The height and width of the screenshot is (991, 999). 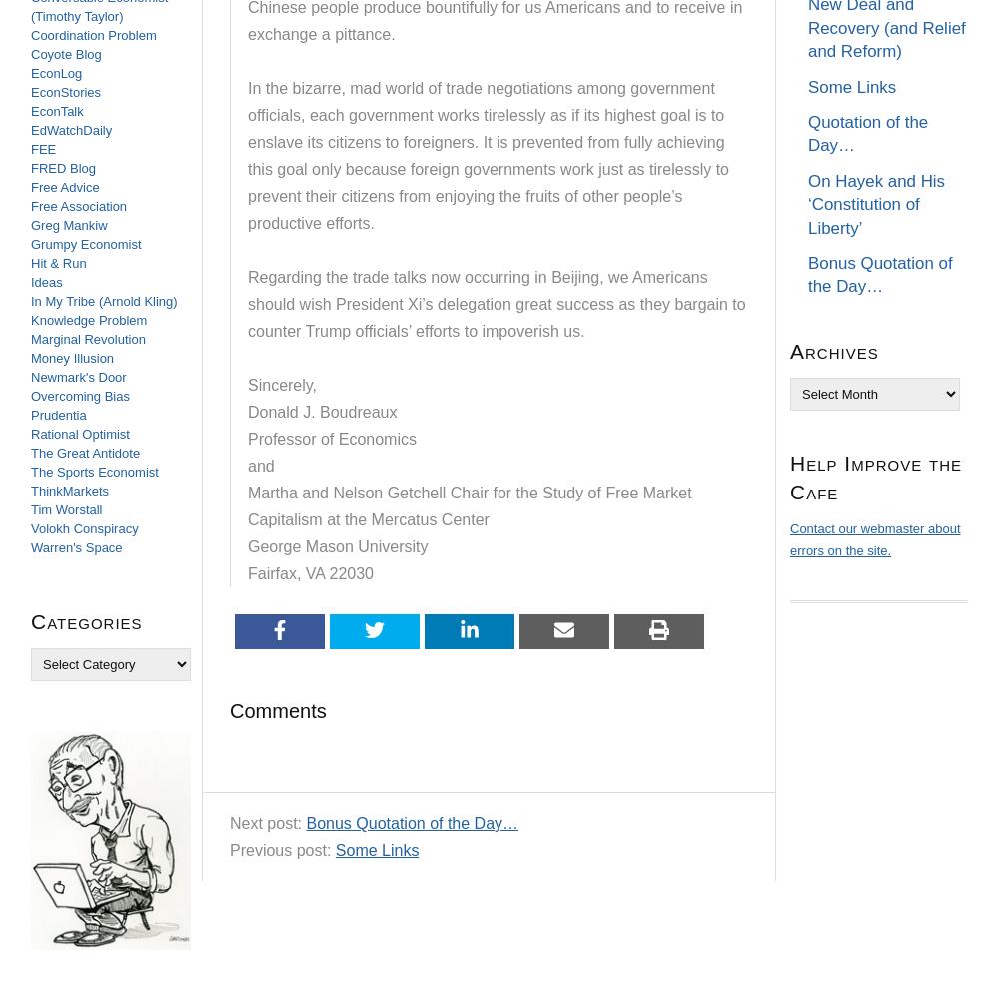 What do you see at coordinates (469, 505) in the screenshot?
I see `'Martha and Nelson Getchell Chair for the Study of Free Market Capitalism at the Mercatus Center'` at bounding box center [469, 505].